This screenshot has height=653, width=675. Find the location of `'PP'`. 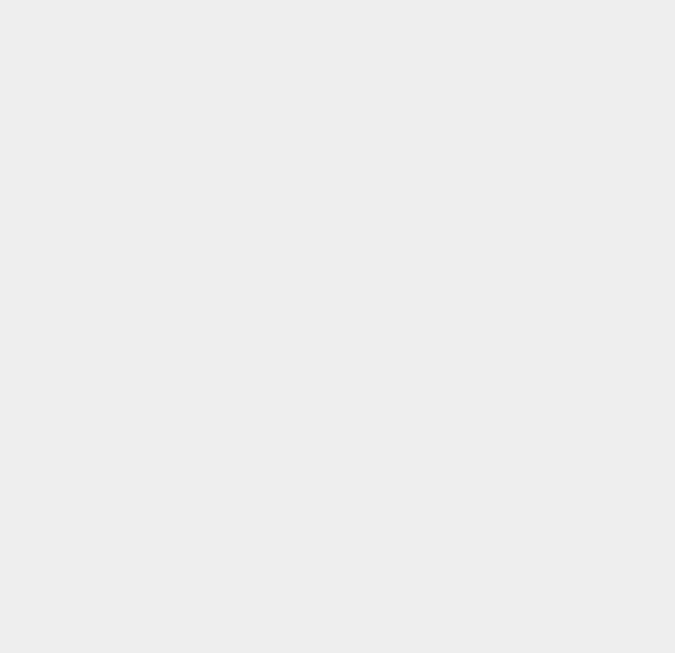

'PP' is located at coordinates (483, 326).